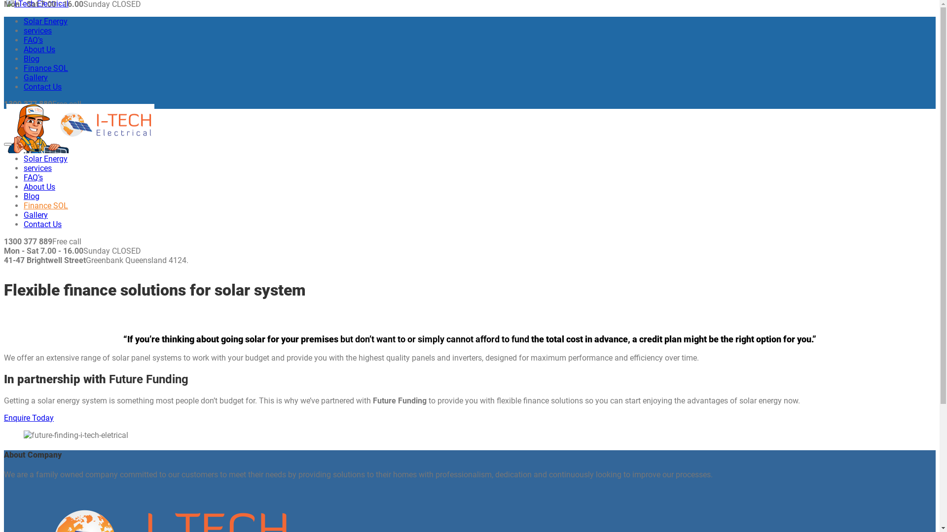 The width and height of the screenshot is (947, 532). Describe the element at coordinates (24, 30) in the screenshot. I see `'services'` at that location.